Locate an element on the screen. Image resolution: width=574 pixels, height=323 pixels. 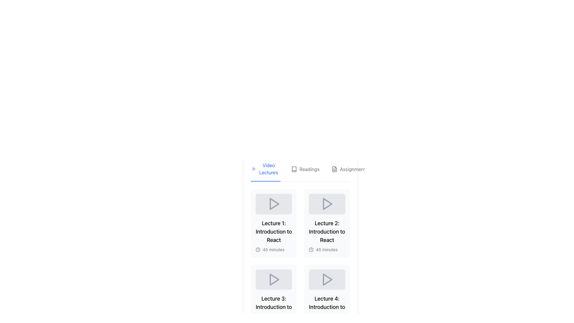
the play icon button located in the fourth item of the grid for 'Lecture 4: Introduction to React' is located at coordinates (327, 279).